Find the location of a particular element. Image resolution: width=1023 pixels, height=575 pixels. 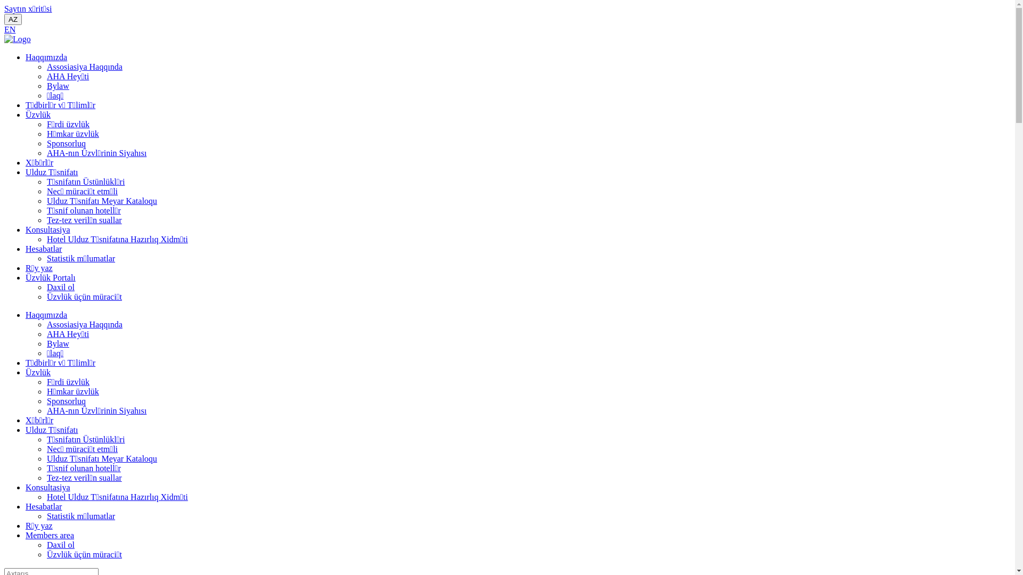

'Members area' is located at coordinates (49, 535).